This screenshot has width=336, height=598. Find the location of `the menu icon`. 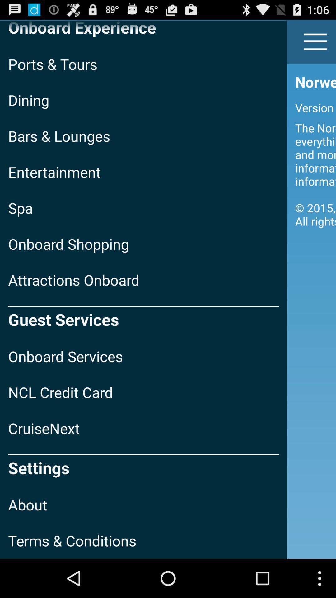

the menu icon is located at coordinates (315, 44).